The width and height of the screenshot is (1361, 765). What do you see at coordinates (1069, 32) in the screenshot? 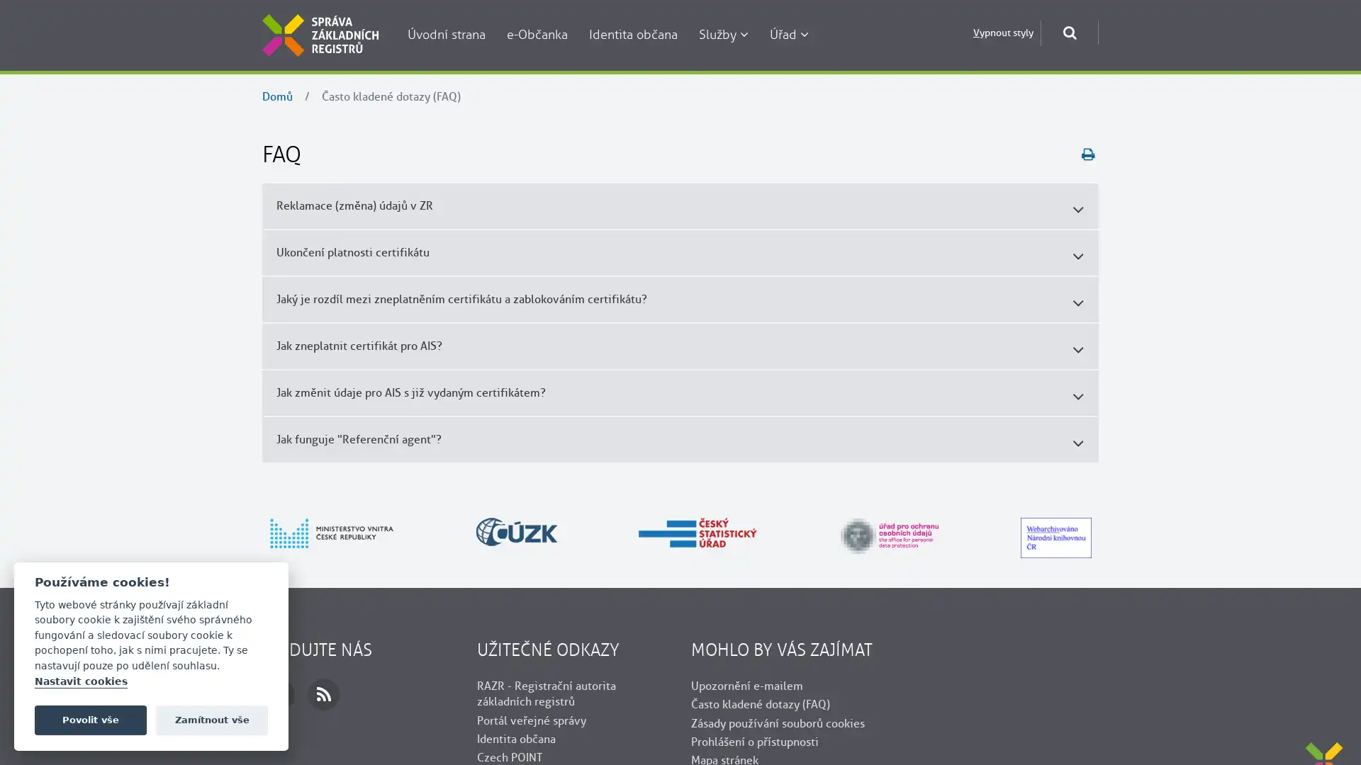
I see `Otevrit okno pro vyhledavani` at bounding box center [1069, 32].